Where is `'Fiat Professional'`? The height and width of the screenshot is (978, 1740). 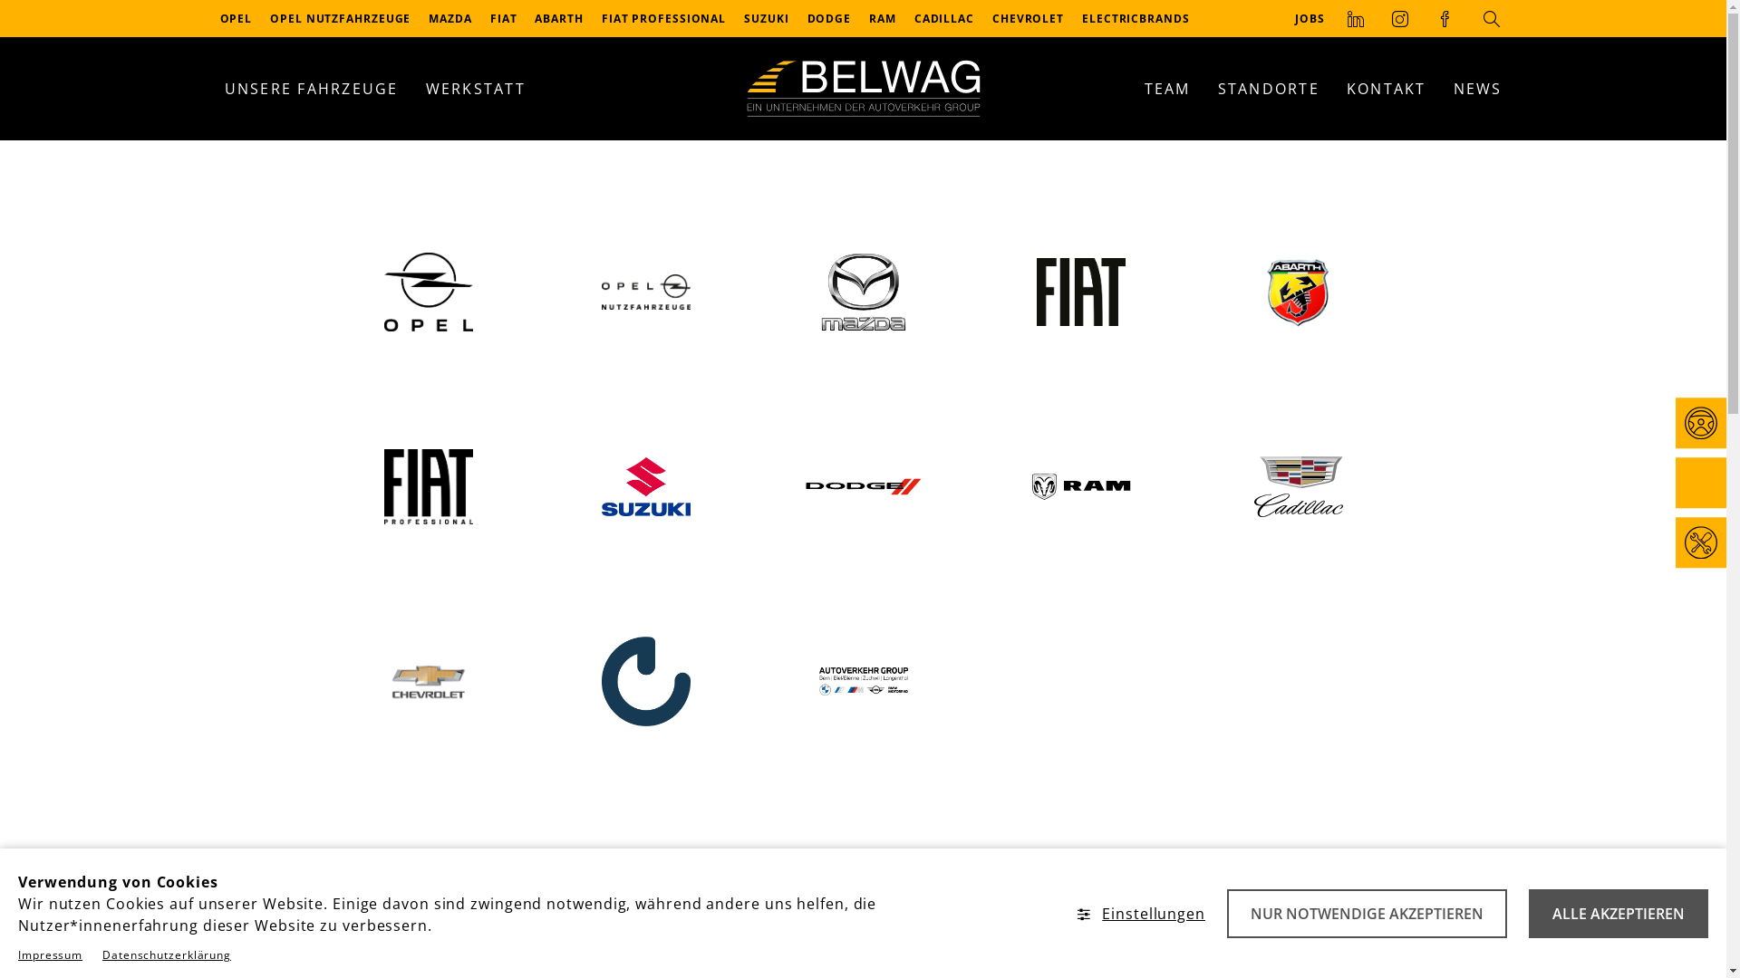 'Fiat Professional' is located at coordinates (428, 485).